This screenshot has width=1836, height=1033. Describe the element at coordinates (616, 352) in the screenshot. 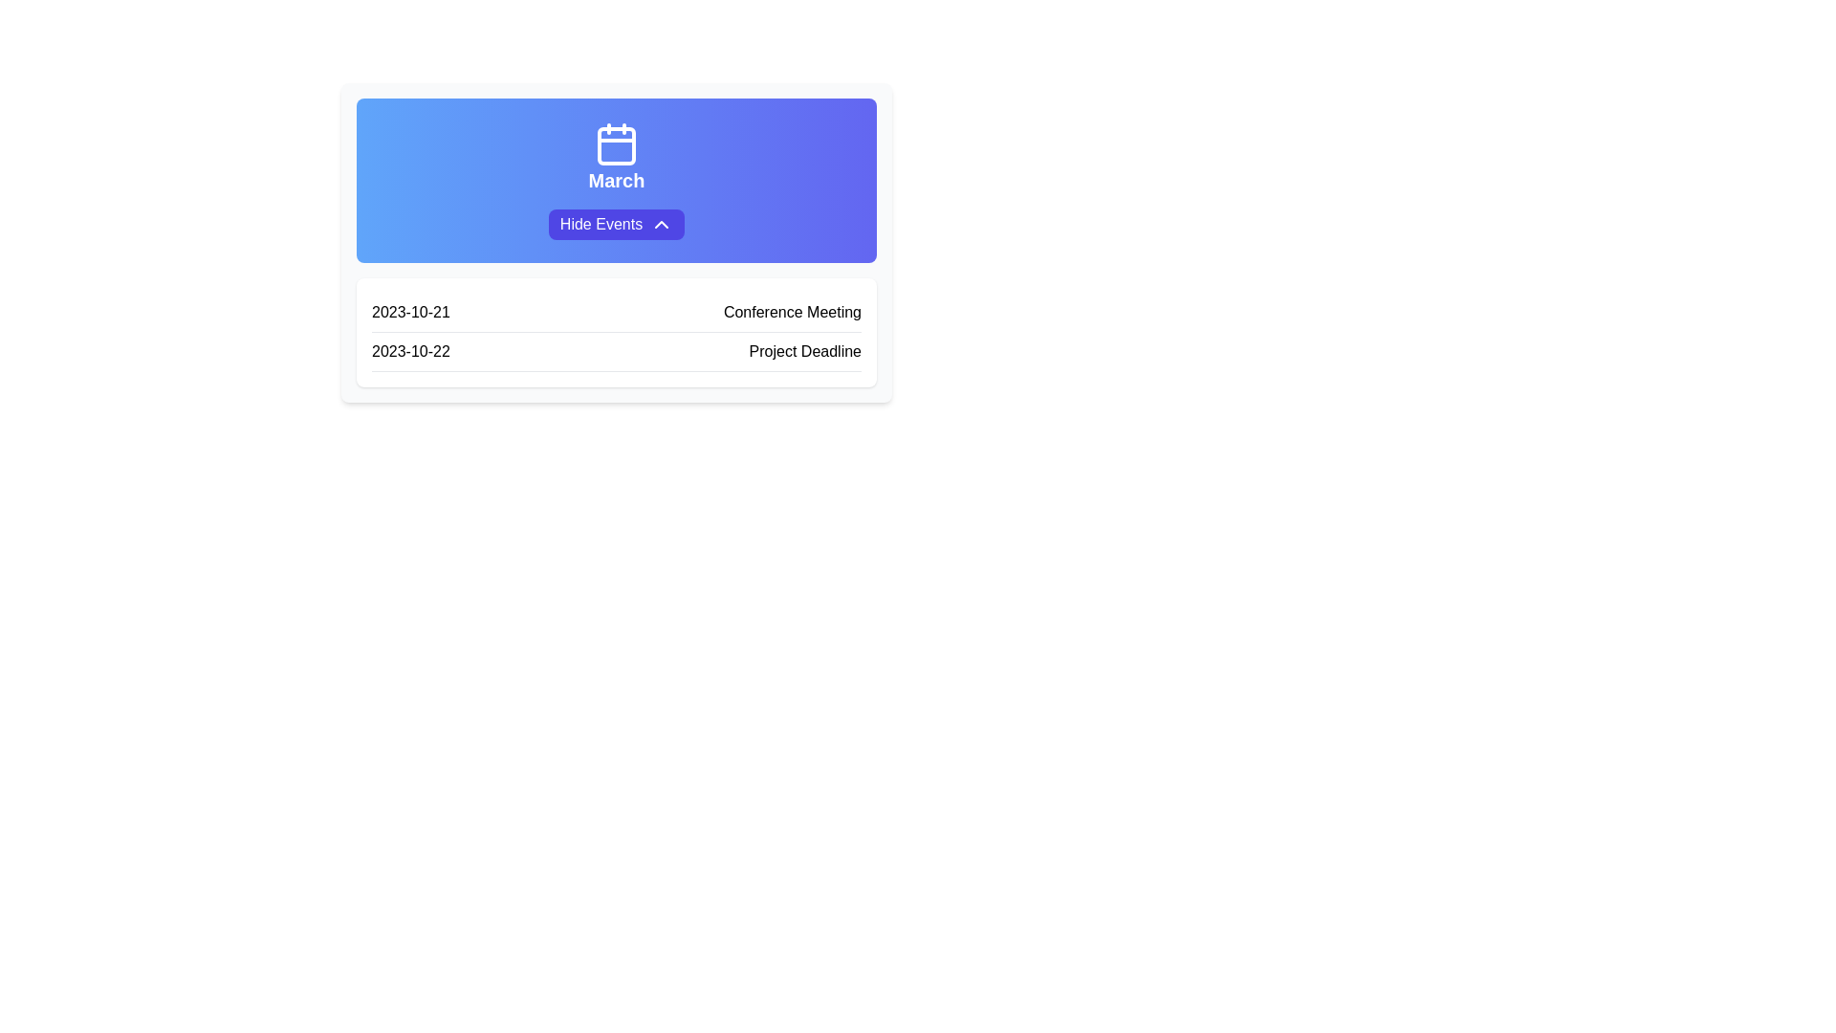

I see `the event list entry titled 'Project Deadline' on the date '2023-10-22' to navigate through surrounding elements` at that location.